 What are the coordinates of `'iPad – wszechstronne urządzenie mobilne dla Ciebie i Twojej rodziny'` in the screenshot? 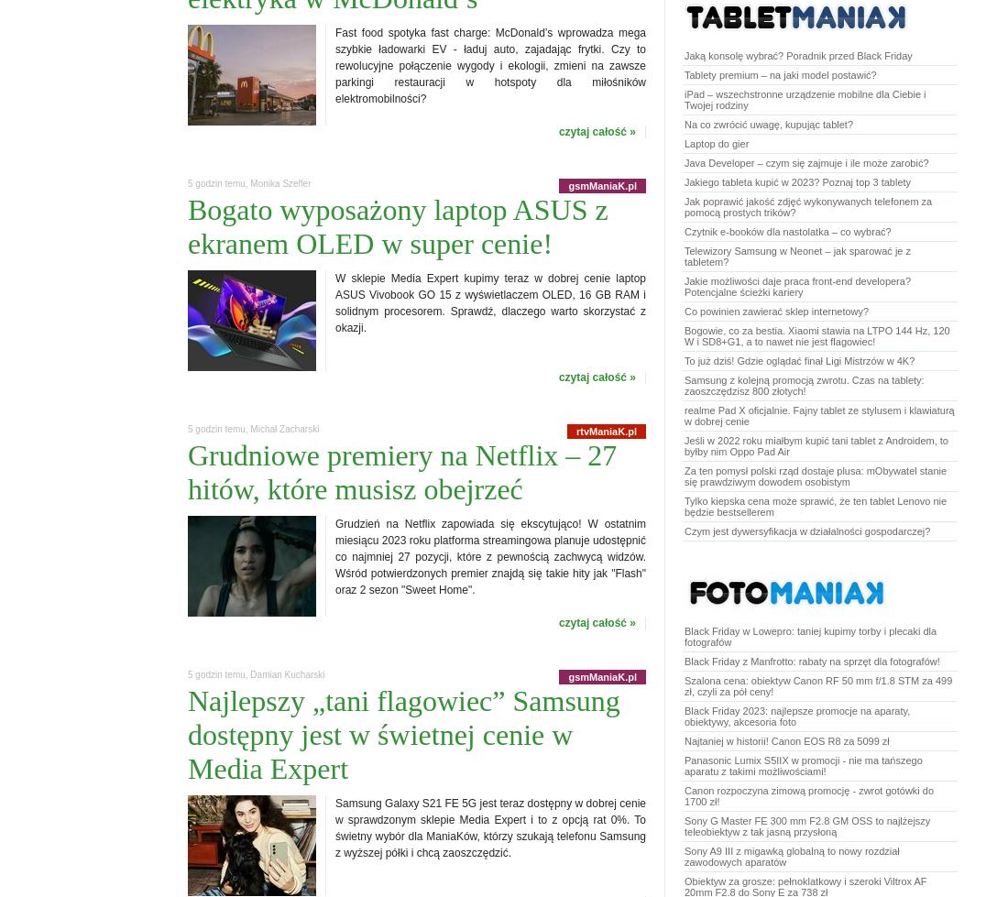 It's located at (804, 99).